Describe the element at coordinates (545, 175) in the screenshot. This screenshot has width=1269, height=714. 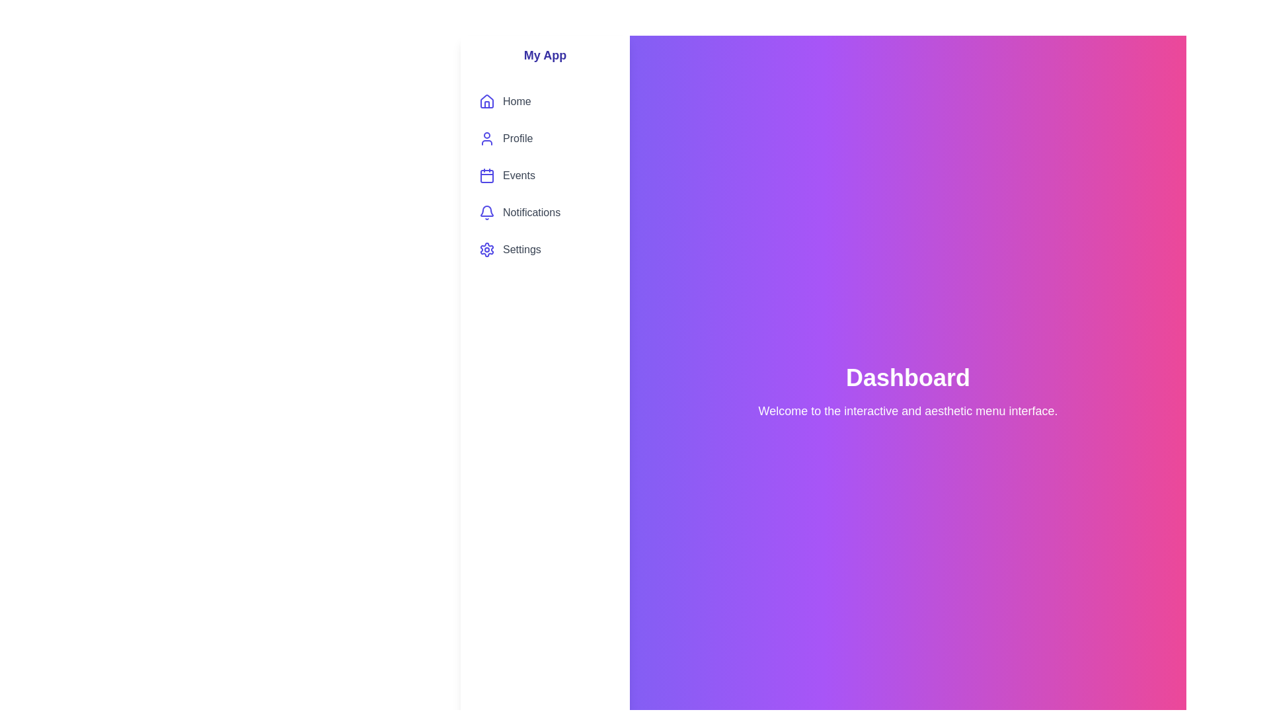
I see `the menu item labeled Events to preview its hover state` at that location.